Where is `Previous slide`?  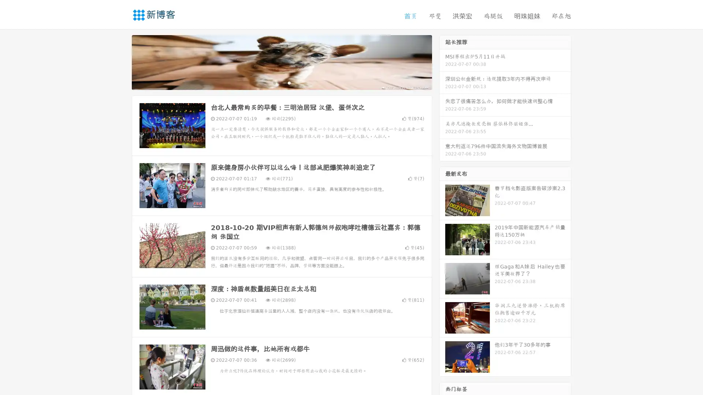 Previous slide is located at coordinates (121, 61).